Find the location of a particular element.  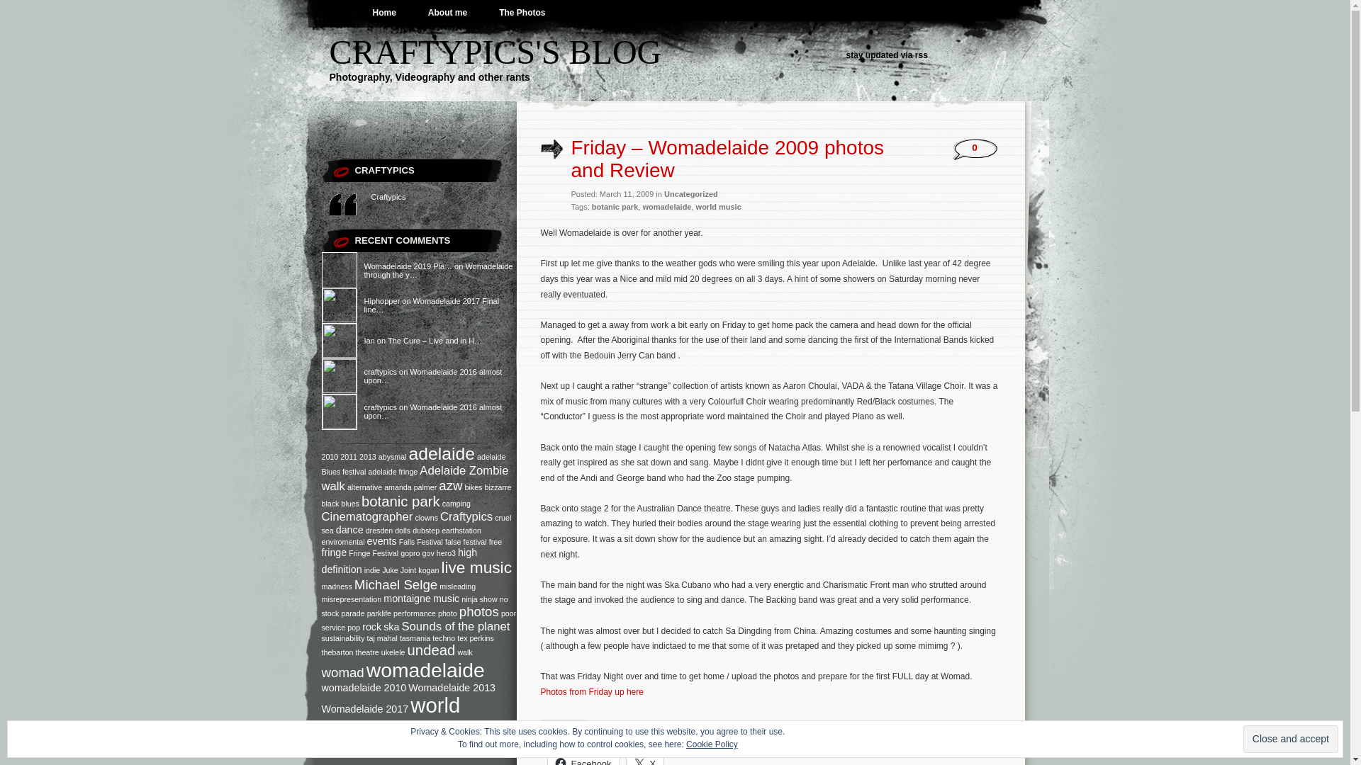

'tasmania' is located at coordinates (414, 638).